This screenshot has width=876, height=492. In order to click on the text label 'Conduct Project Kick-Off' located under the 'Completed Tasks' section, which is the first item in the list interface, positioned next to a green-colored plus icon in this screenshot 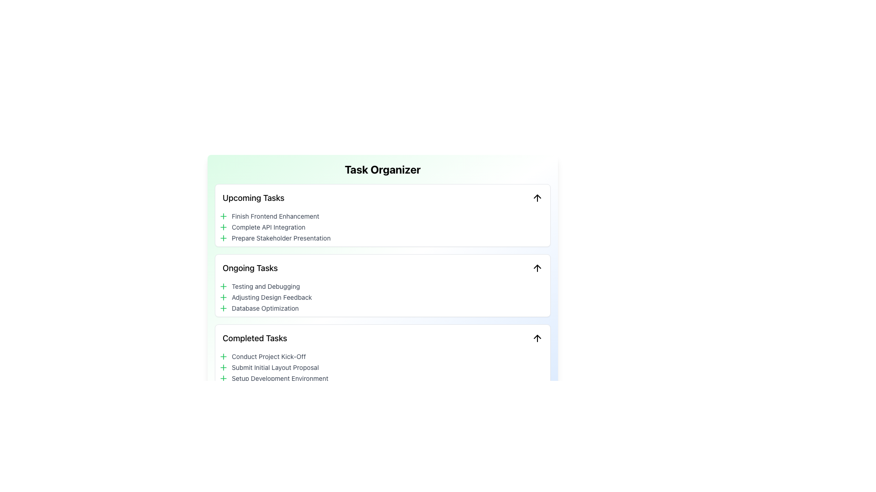, I will do `click(268, 356)`.